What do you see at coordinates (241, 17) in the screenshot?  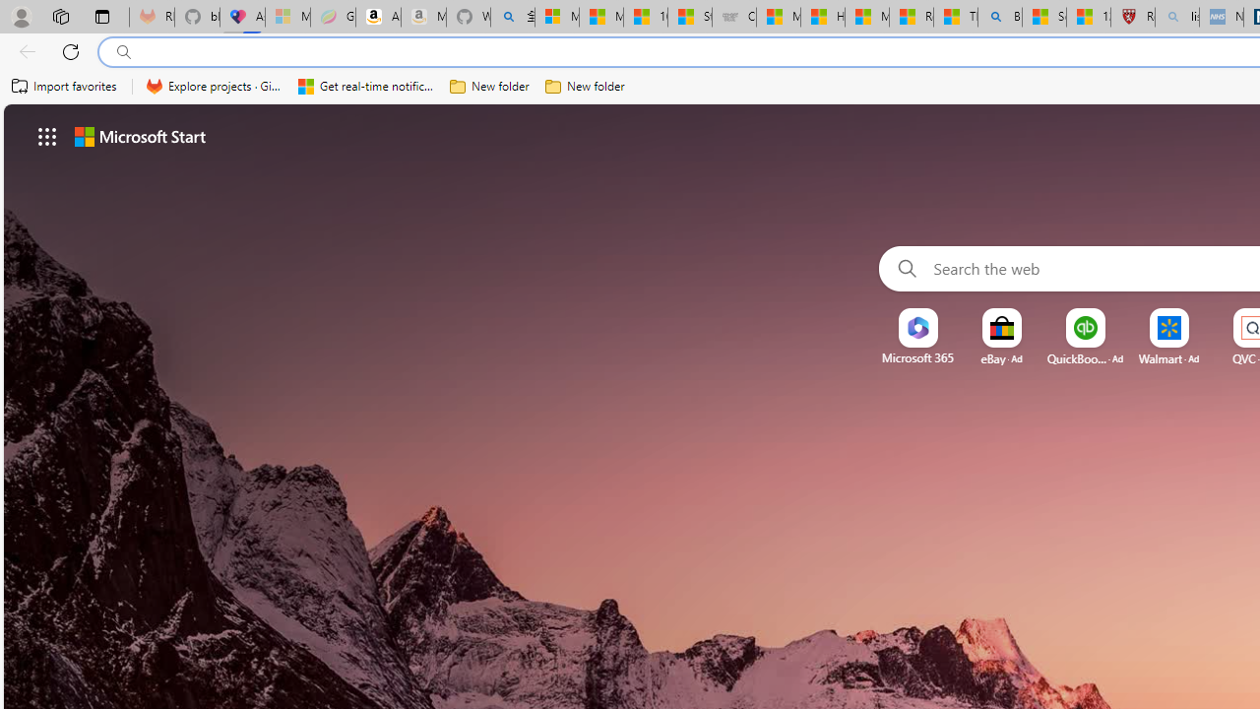 I see `'Asthma Inhalers: Names and Types'` at bounding box center [241, 17].